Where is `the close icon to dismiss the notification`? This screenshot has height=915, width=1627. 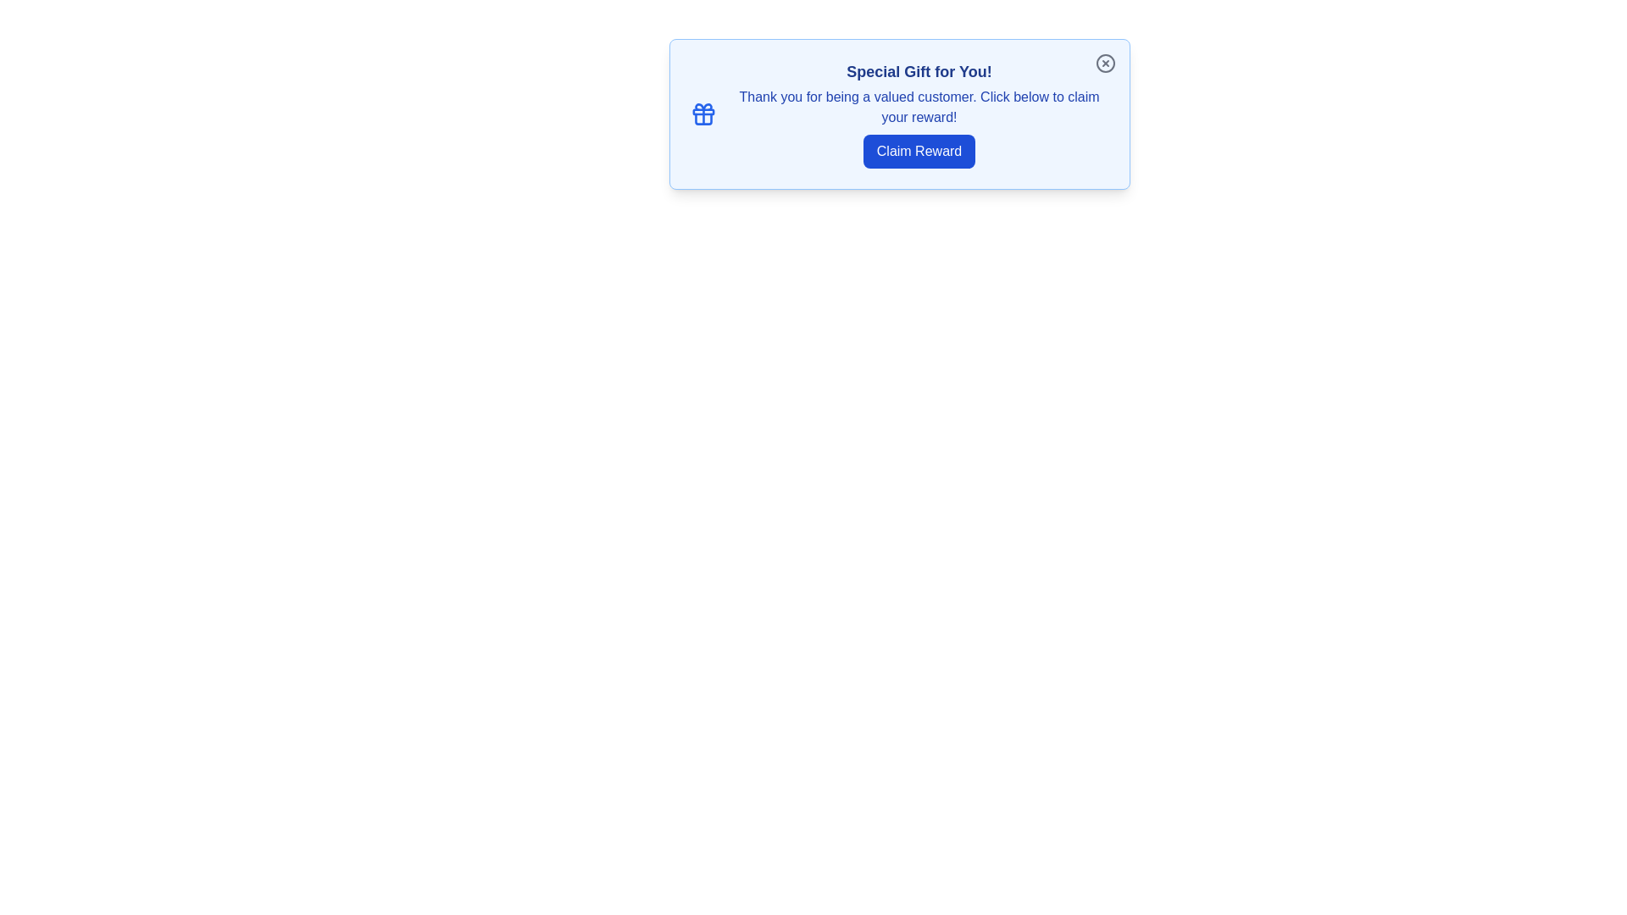 the close icon to dismiss the notification is located at coordinates (1105, 62).